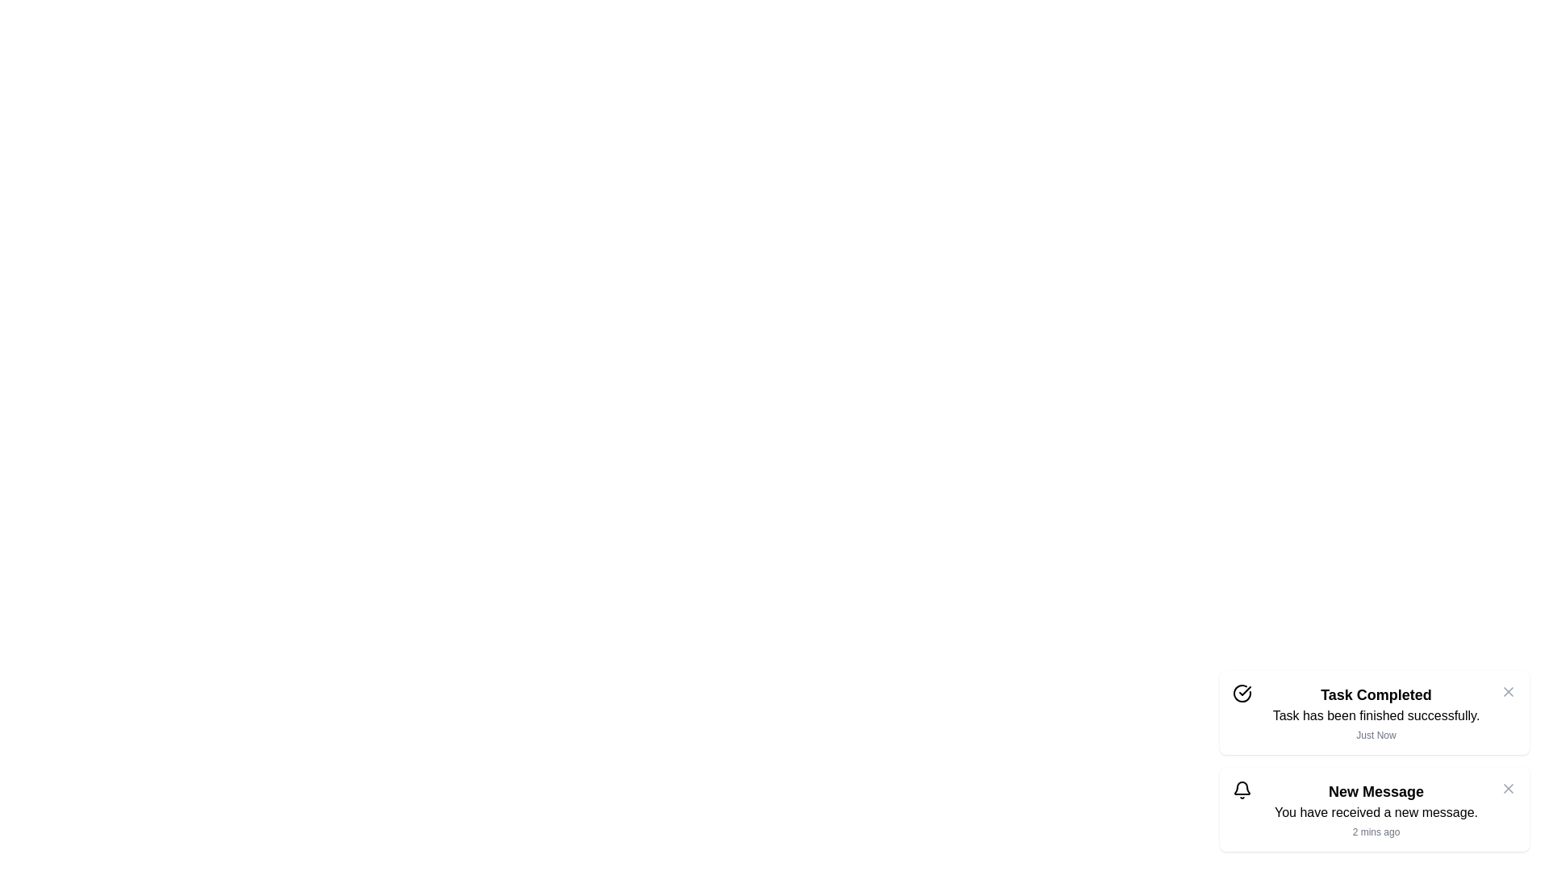 The height and width of the screenshot is (871, 1549). What do you see at coordinates (1375, 735) in the screenshot?
I see `the timestamp text of the snackbar to inspect its value` at bounding box center [1375, 735].